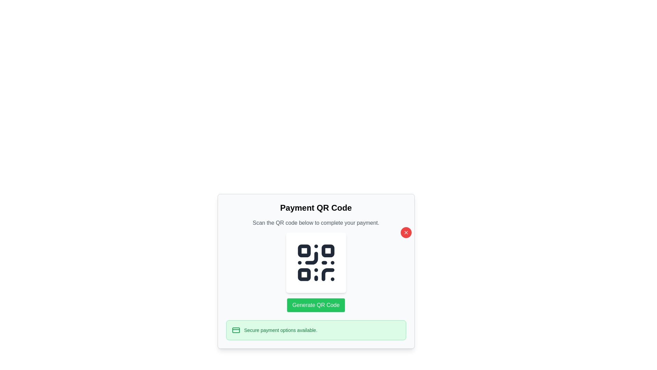 This screenshot has width=657, height=370. What do you see at coordinates (406, 232) in the screenshot?
I see `the red circular 'X' icon button located at the top right corner of the dialog box` at bounding box center [406, 232].